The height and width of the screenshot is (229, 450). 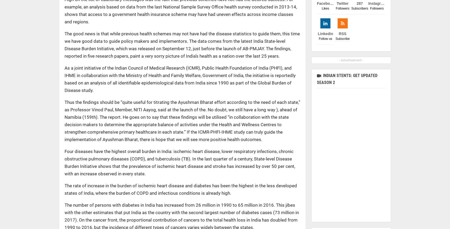 I want to click on 'Four diseases have the highest overall burden in India: ischemic heart disease, lower respiratory infections, chronic obstructive pulmonary diseases (COPD), and tuberculosis (TB). In the last quarter of a century, State-level Disease Burden Initiative shows that the prevalence of ischemic heart disease and stroke has increased by over 50 per cent, with an increase observed in every state.', so click(x=180, y=163).